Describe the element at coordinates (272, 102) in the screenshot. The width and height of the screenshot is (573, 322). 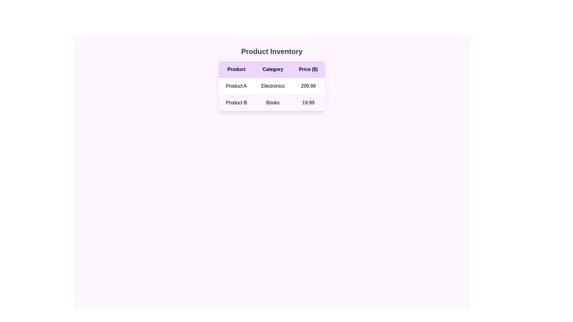
I see `the Table Cell that indicates the category of the product in the second row of the table under the 'Category' column, aligned with 'Product B' and '19.99'` at that location.